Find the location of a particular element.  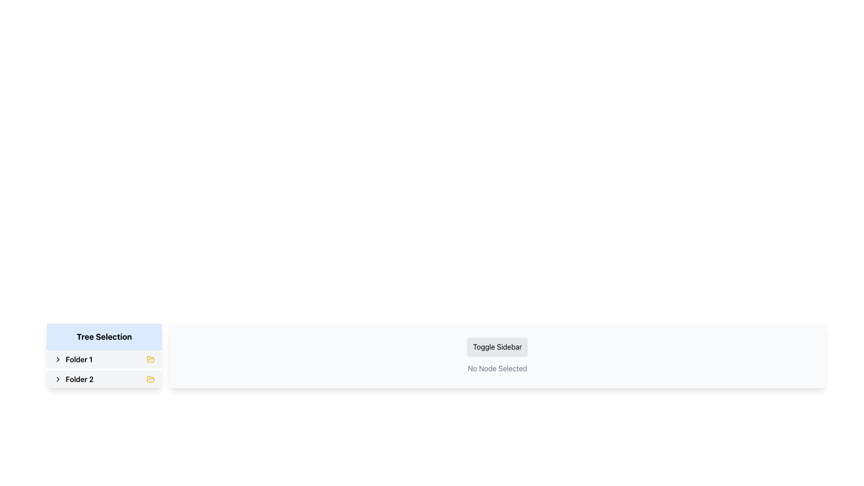

the text label displaying 'Folder 1' is located at coordinates (79, 359).